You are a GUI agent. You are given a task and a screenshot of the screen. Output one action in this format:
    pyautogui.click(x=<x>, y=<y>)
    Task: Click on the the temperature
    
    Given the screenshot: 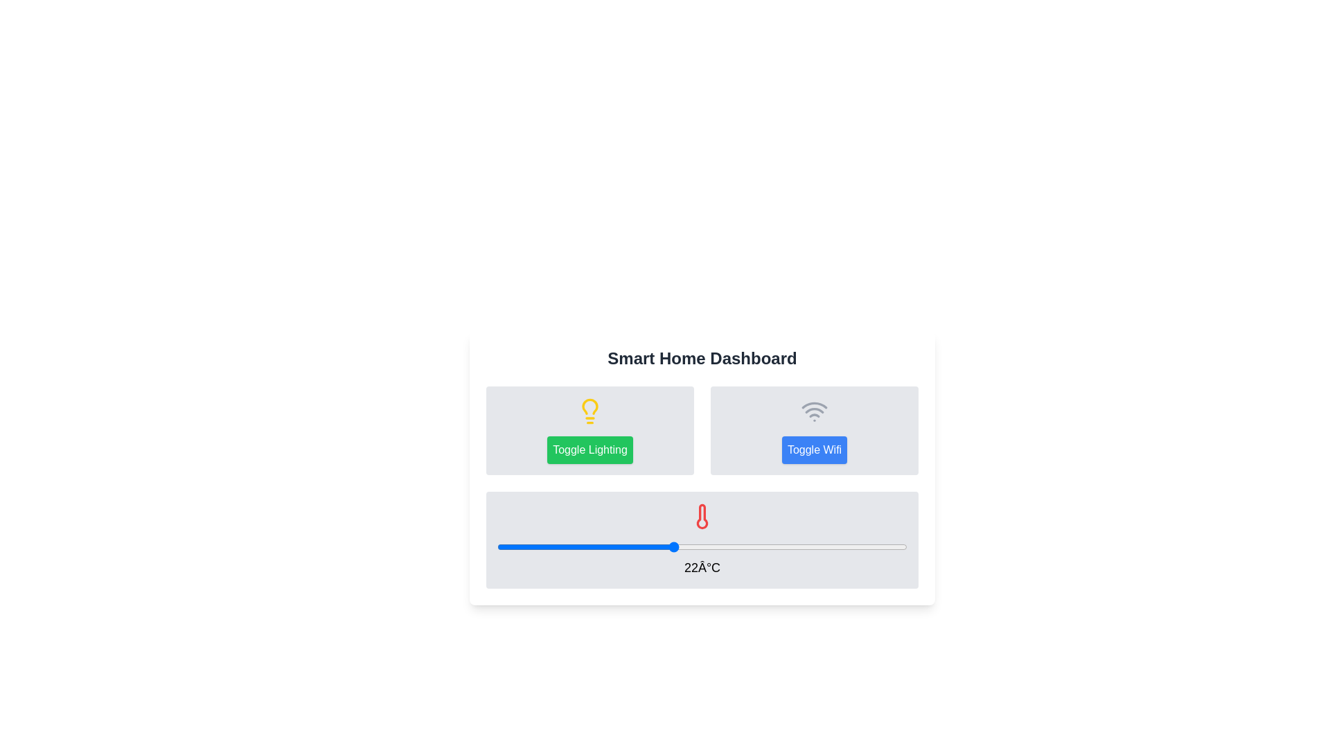 What is the action you would take?
    pyautogui.click(x=497, y=546)
    